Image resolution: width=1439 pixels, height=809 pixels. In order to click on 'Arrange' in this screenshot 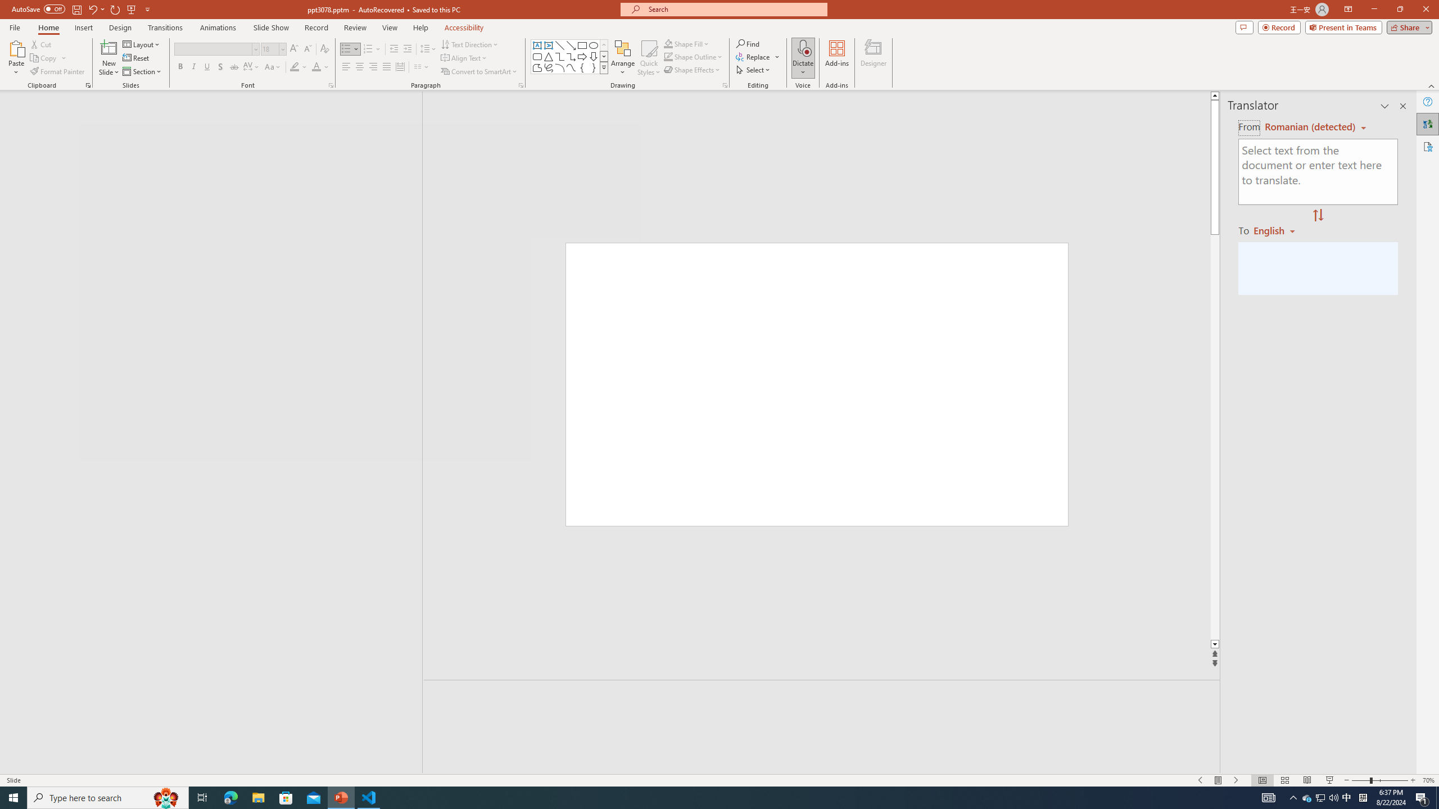, I will do `click(623, 58)`.